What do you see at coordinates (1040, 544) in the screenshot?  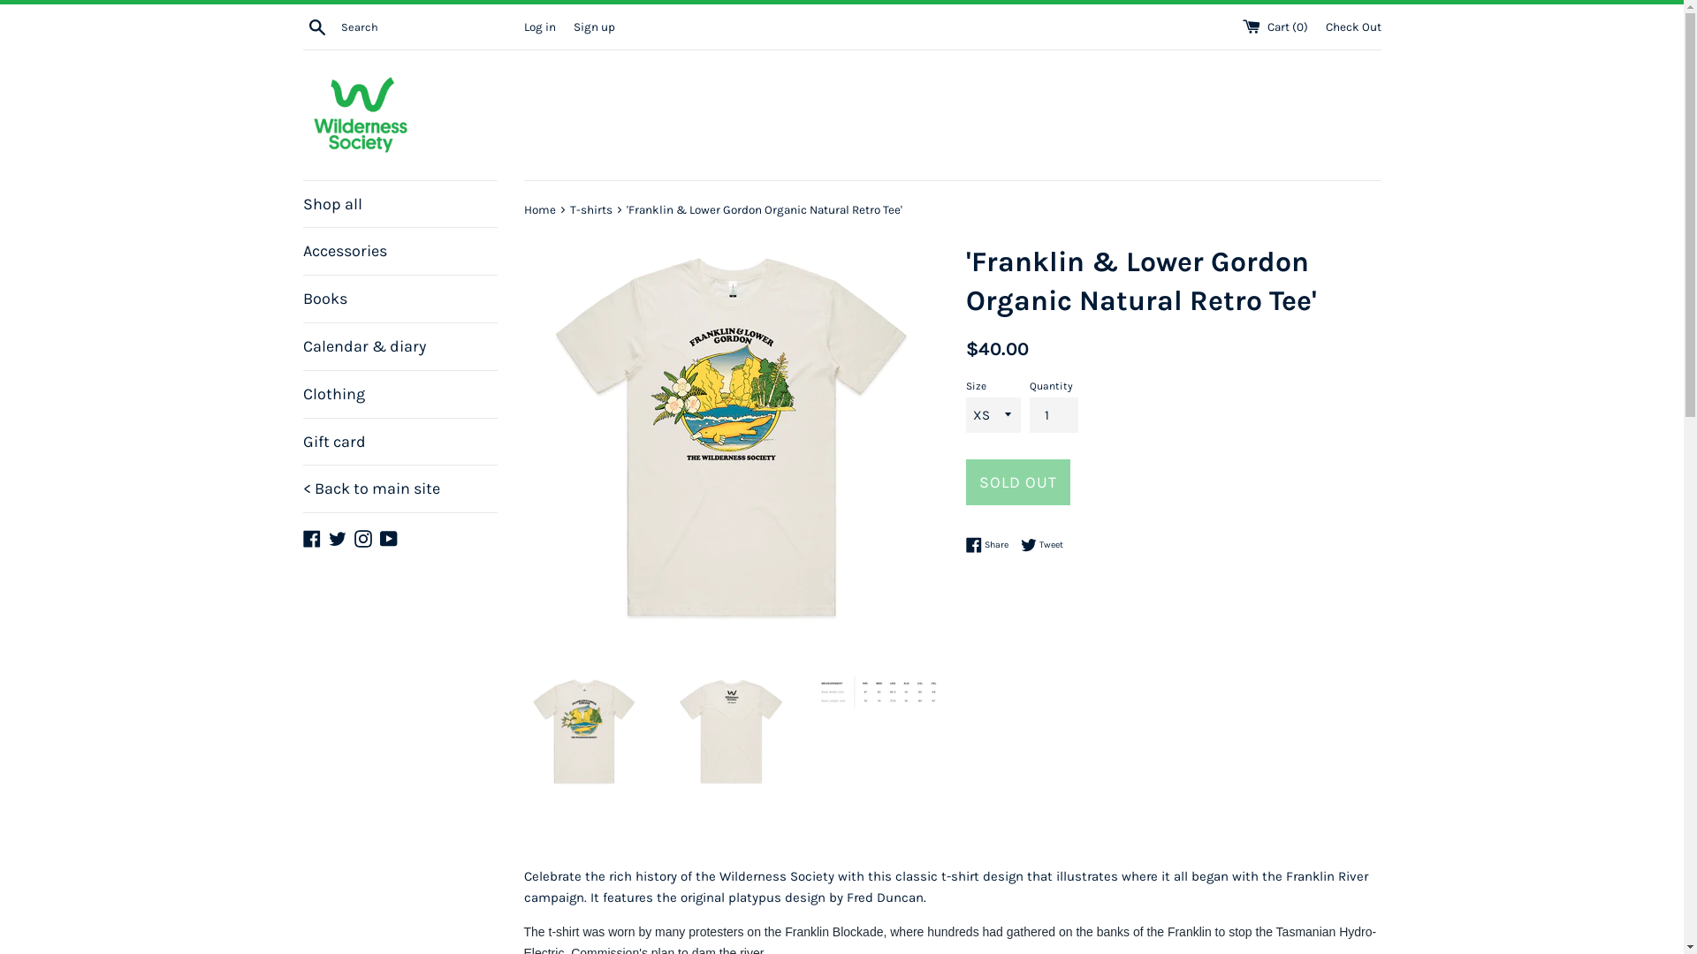 I see `'Tweet` at bounding box center [1040, 544].